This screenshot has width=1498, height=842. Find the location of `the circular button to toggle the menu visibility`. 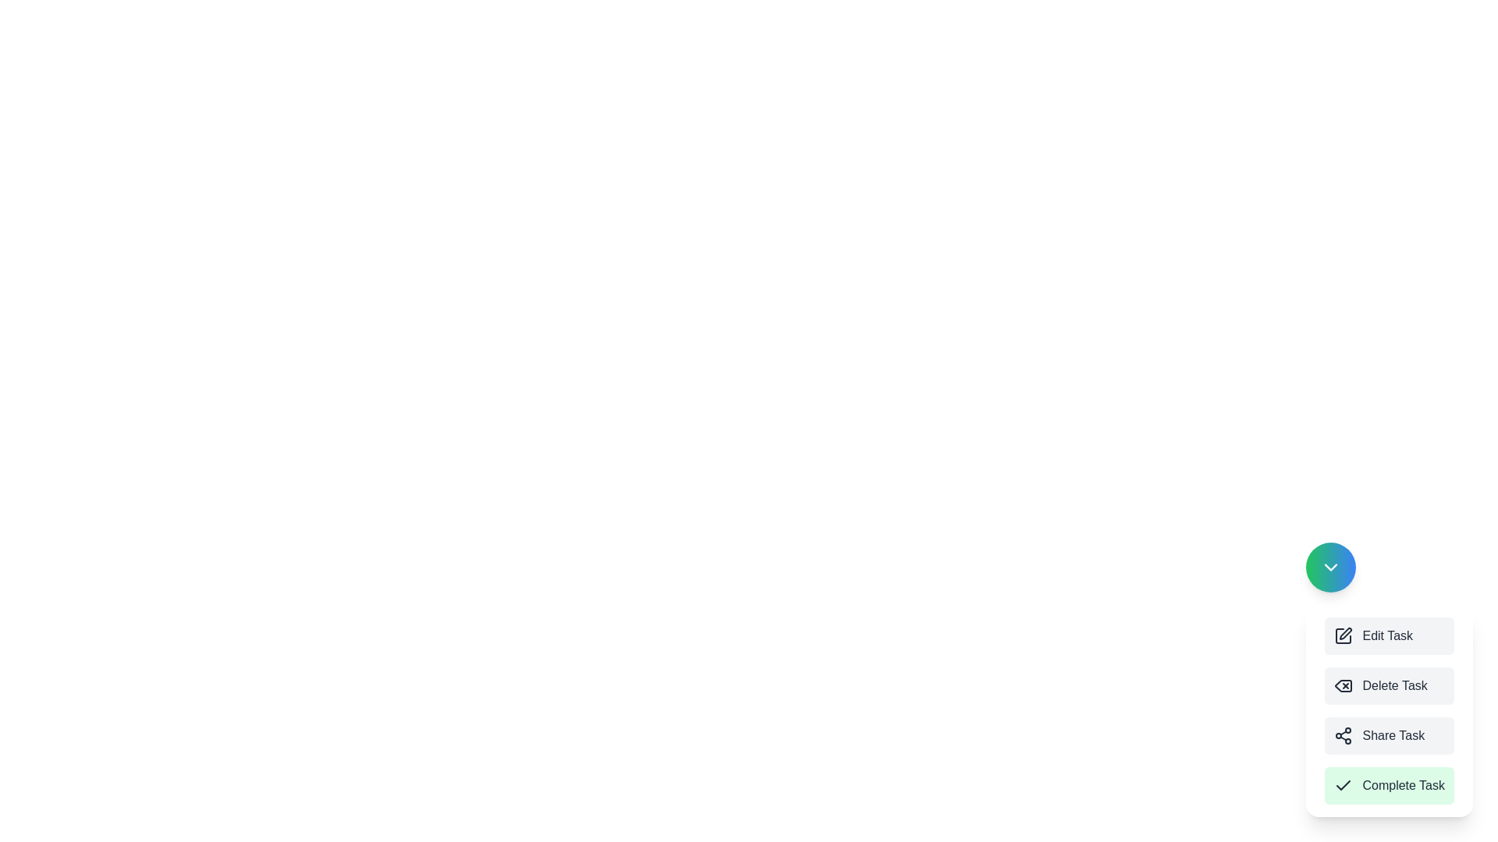

the circular button to toggle the menu visibility is located at coordinates (1329, 568).